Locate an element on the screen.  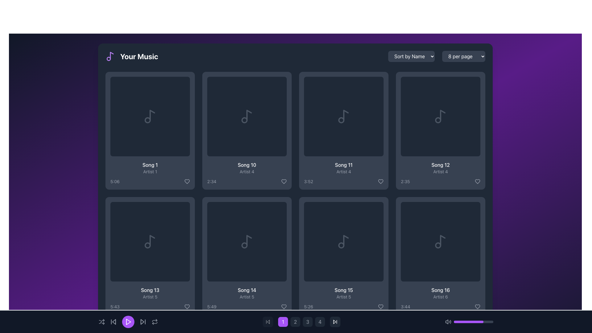
the visual card representing a media item in the second row and fourth column of the grid layout is located at coordinates (247, 241).